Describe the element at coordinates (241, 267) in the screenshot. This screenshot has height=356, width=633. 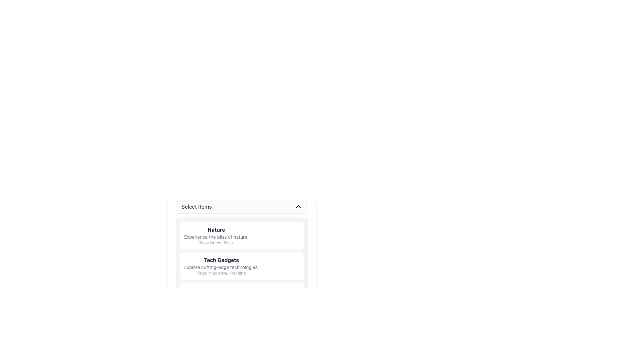
I see `the second text-based list item that describes tech gadgets` at that location.